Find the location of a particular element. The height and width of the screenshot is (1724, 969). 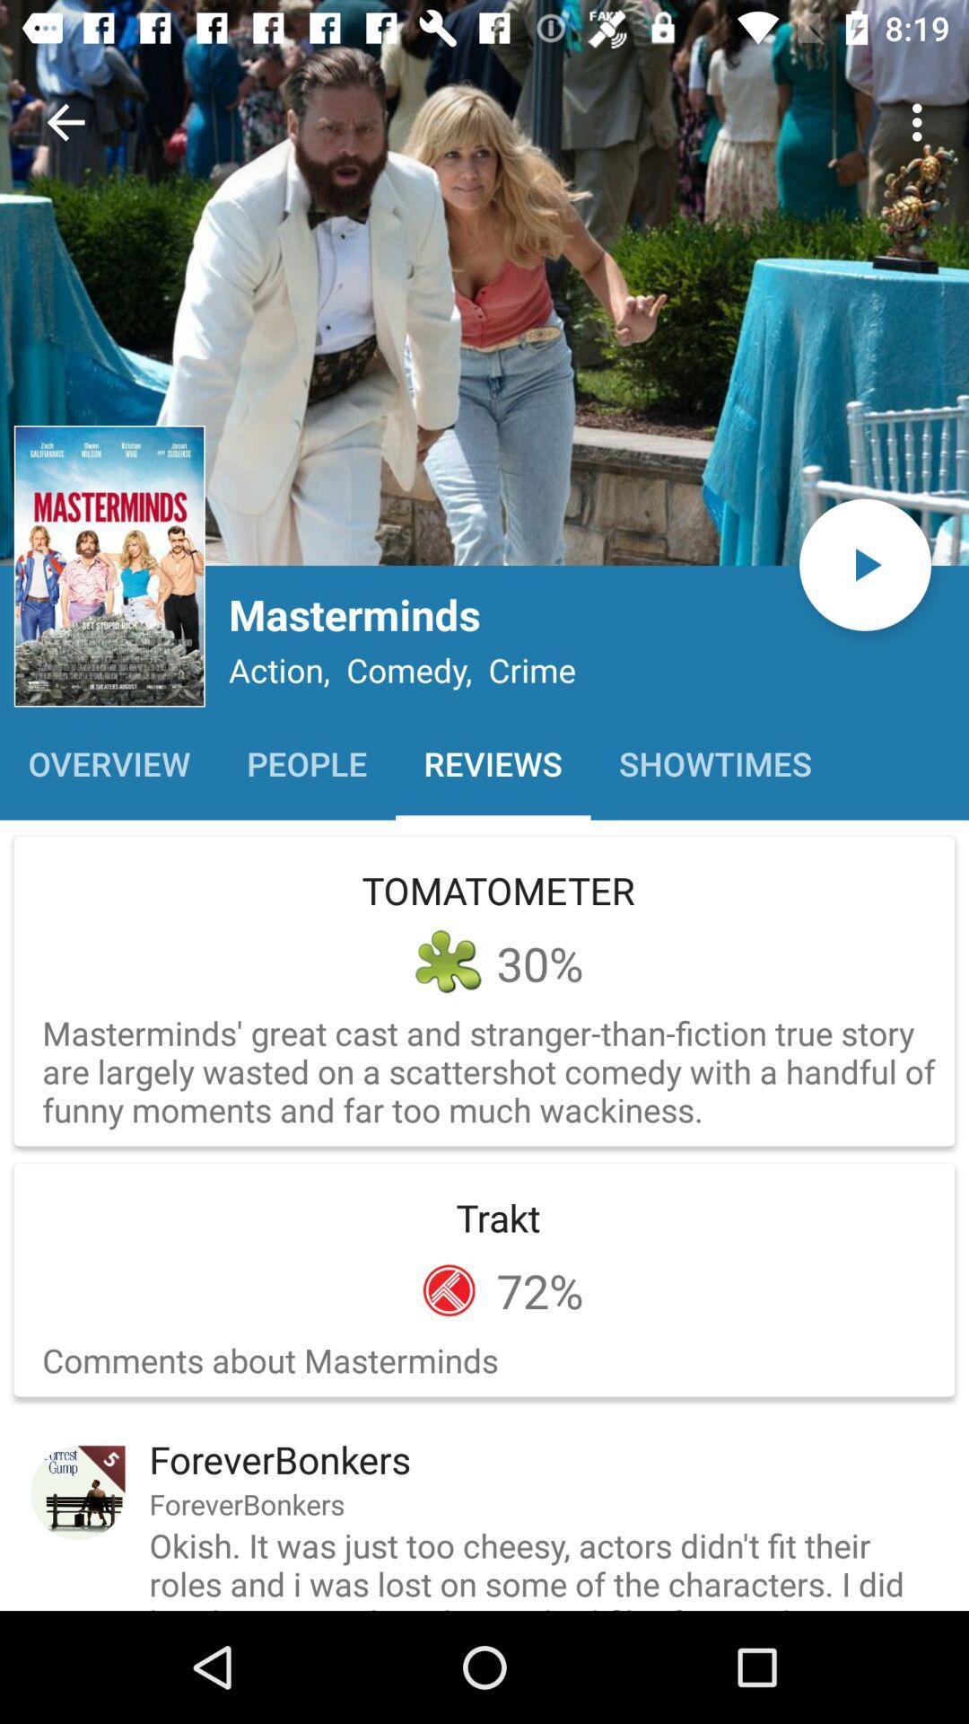

video is located at coordinates (864, 564).